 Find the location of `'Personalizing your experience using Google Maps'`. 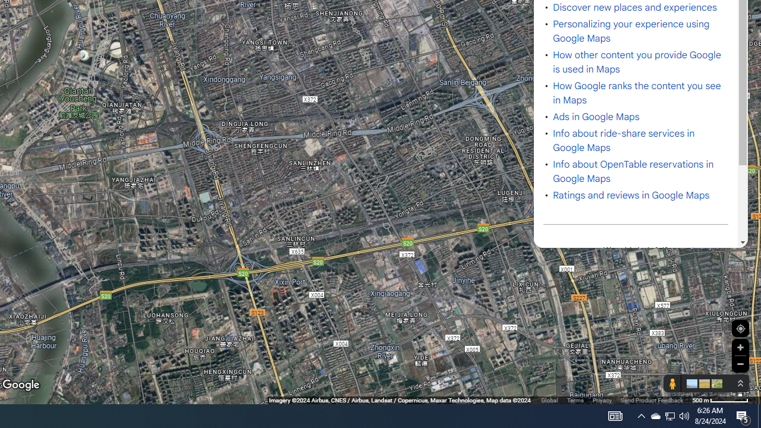

'Personalizing your experience using Google Maps' is located at coordinates (631, 30).